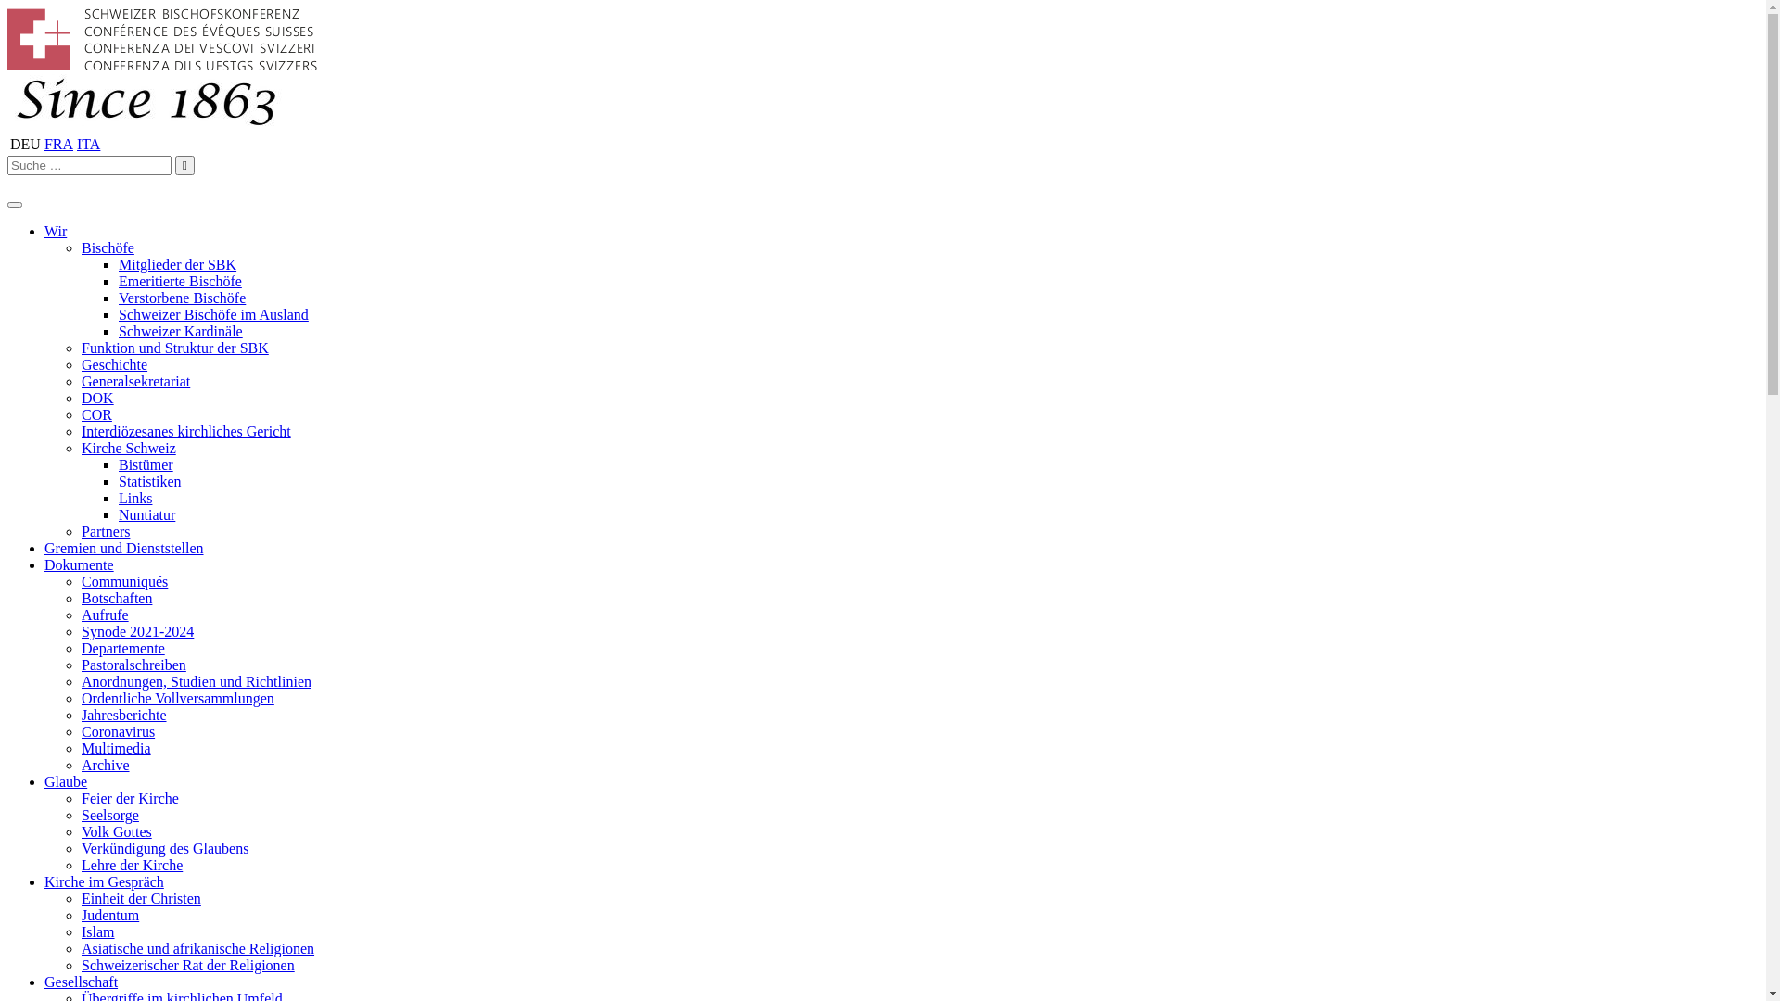 The image size is (1780, 1001). Describe the element at coordinates (80, 380) in the screenshot. I see `'Generalsekretariat'` at that location.